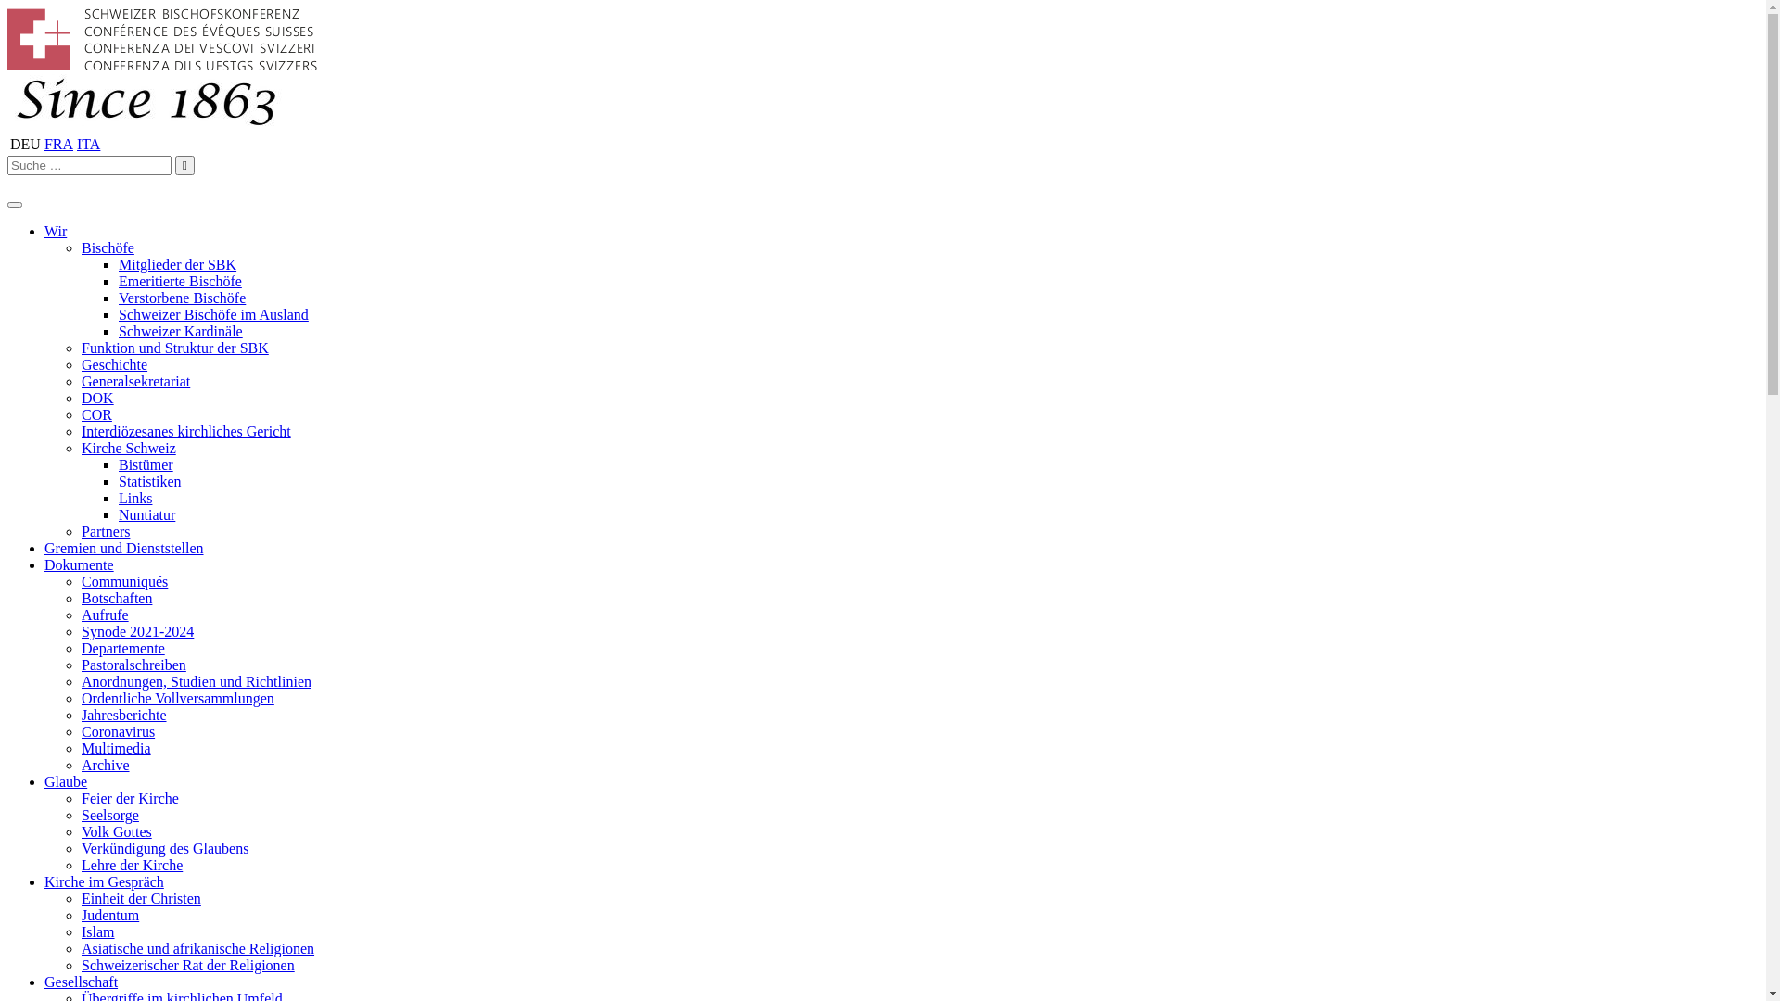 The image size is (1780, 1001). Describe the element at coordinates (80, 380) in the screenshot. I see `'Generalsekretariat'` at that location.